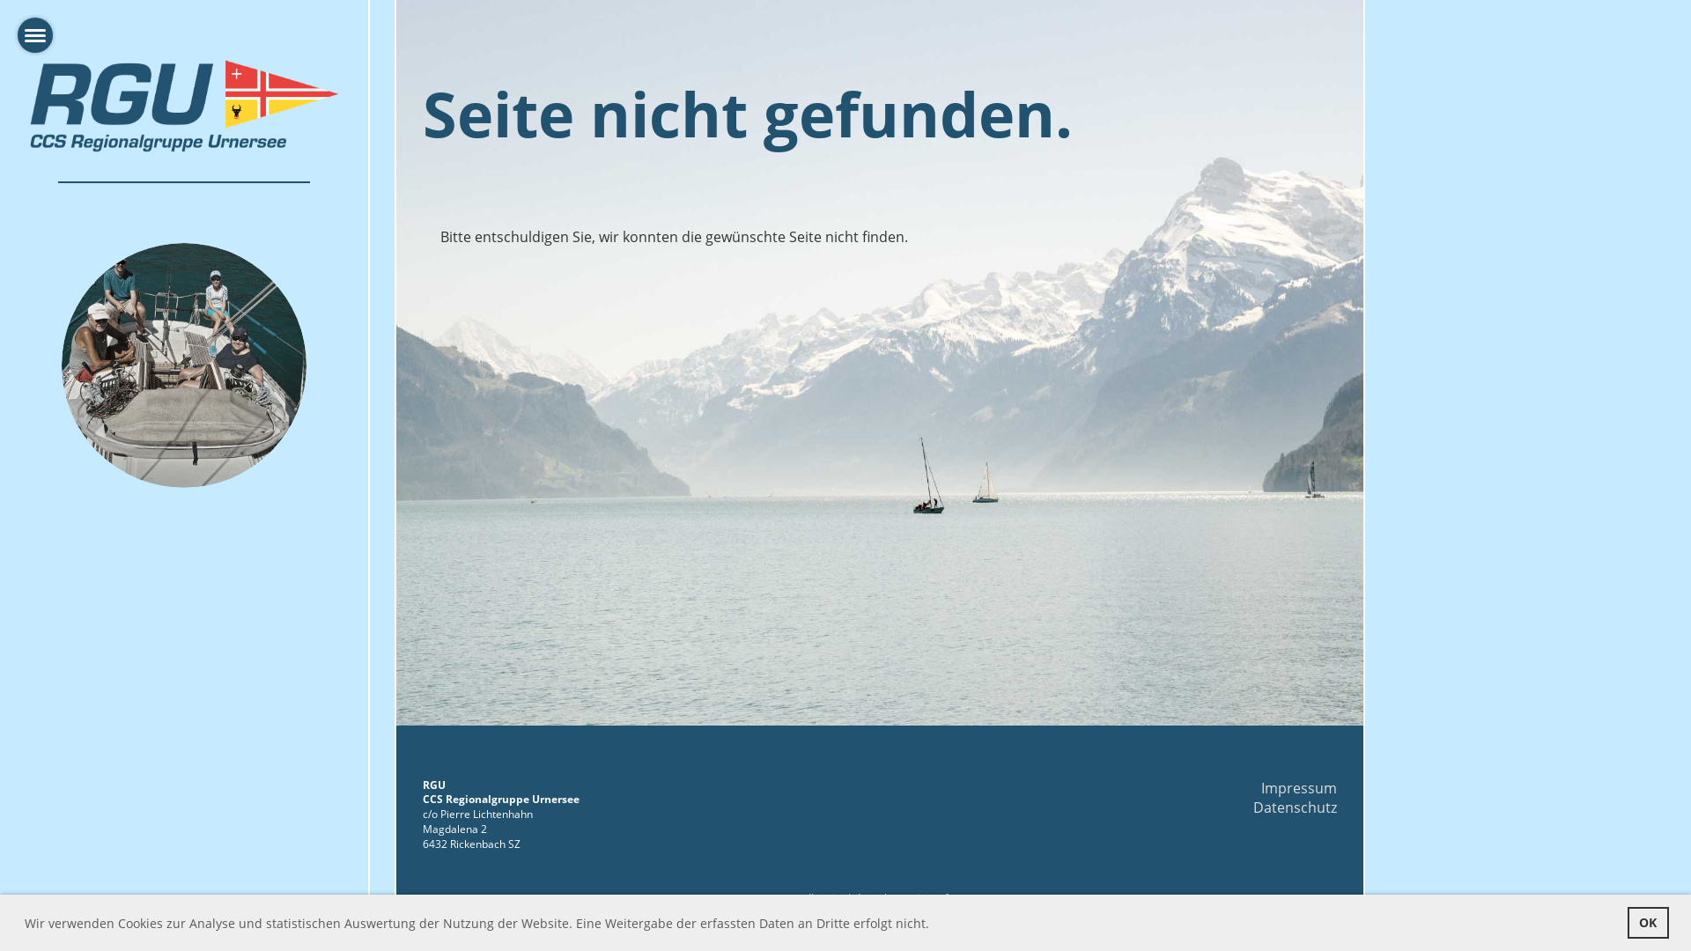 This screenshot has height=951, width=1691. Describe the element at coordinates (1298, 786) in the screenshot. I see `'Impressum'` at that location.